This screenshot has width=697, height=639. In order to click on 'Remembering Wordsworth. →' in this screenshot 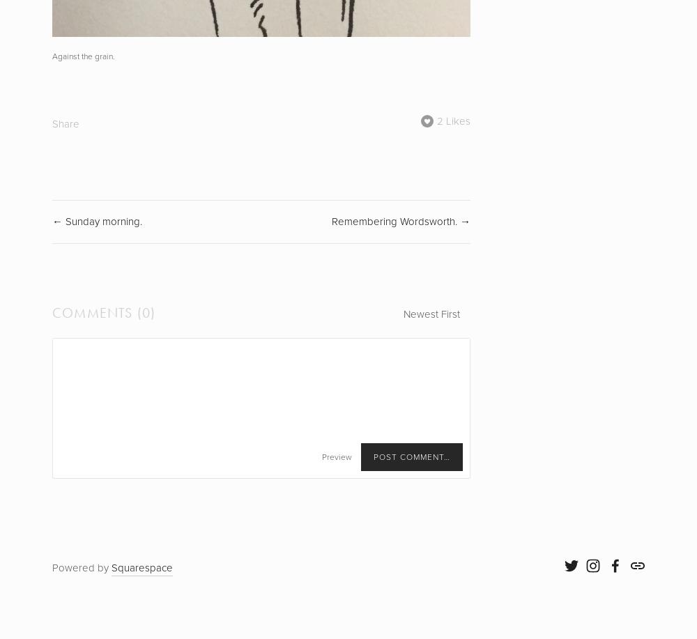, I will do `click(331, 222)`.